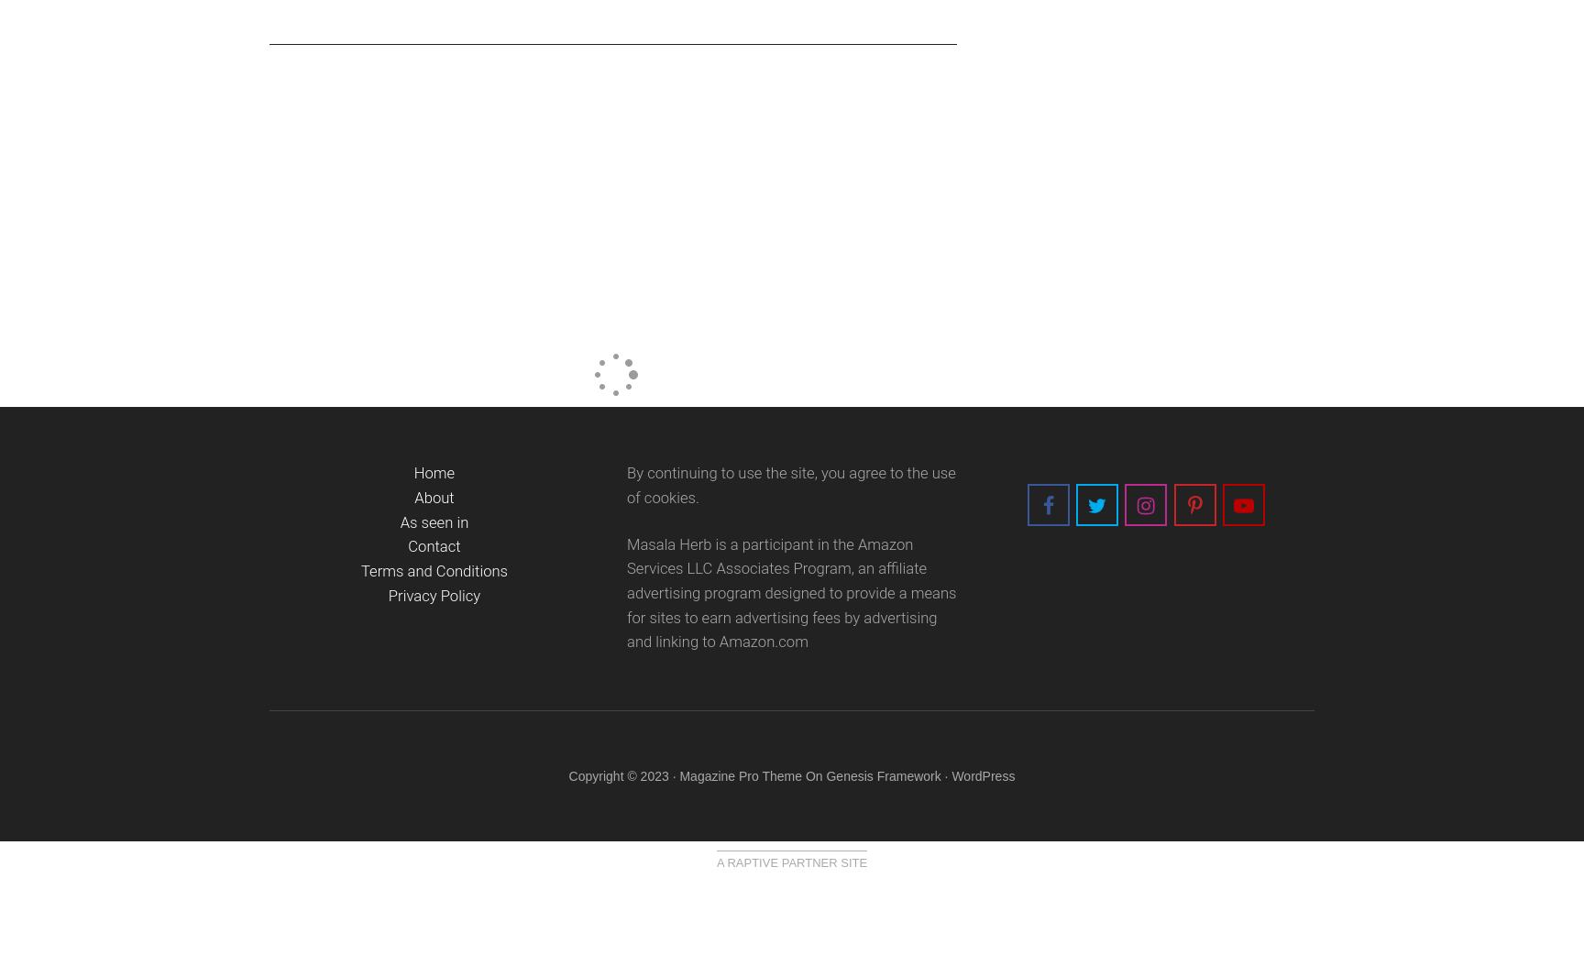 This screenshot has width=1584, height=955. I want to click on 'Copyright © 2023 · Magazine Pro Theme On Genesis Framework · WordPress', so click(790, 774).